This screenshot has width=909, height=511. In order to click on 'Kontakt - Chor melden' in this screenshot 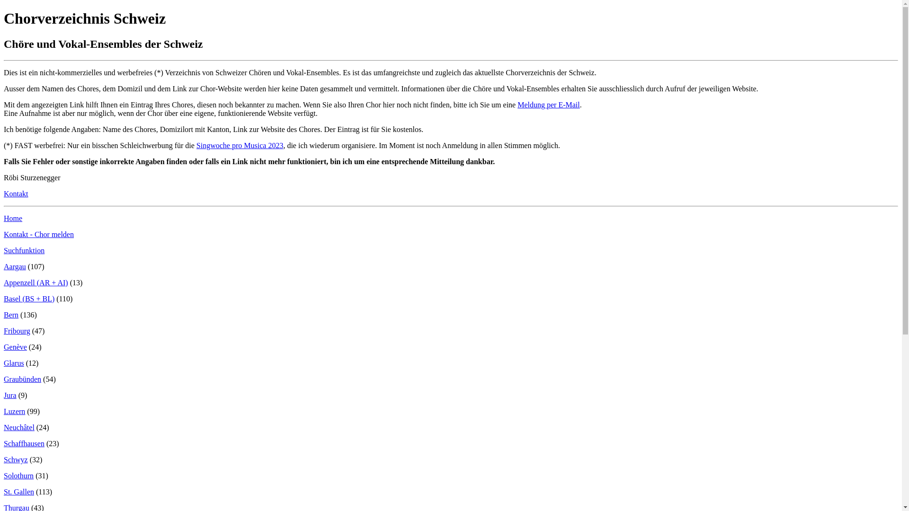, I will do `click(38, 234)`.